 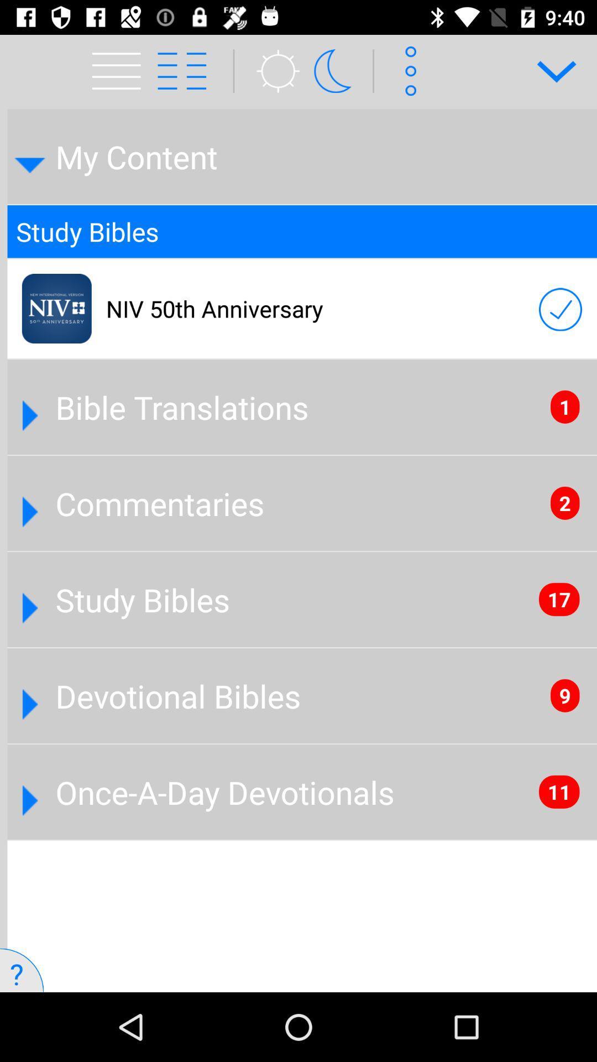 I want to click on the second button to the top right corner of the page, so click(x=407, y=70).